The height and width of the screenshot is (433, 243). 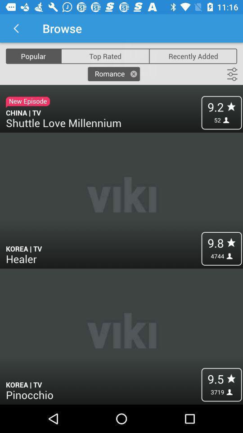 What do you see at coordinates (114, 74) in the screenshot?
I see `the icon above china | tv` at bounding box center [114, 74].